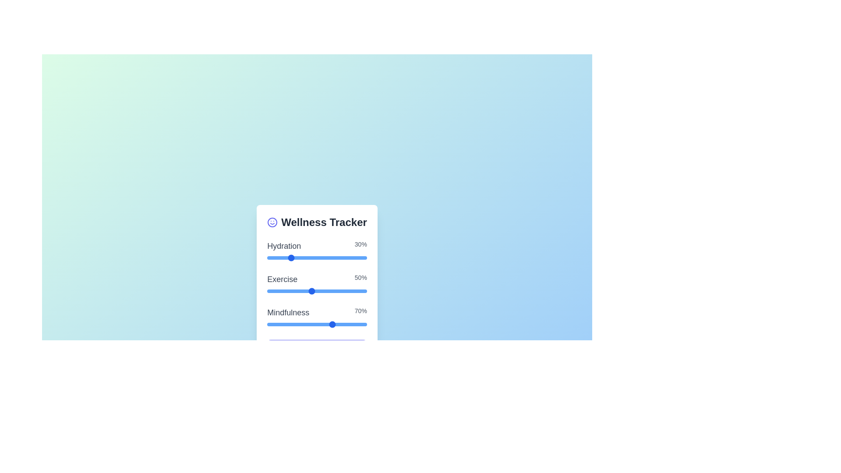 Image resolution: width=841 pixels, height=473 pixels. I want to click on the 'Exercise' slider to set its value to 1, so click(266, 291).